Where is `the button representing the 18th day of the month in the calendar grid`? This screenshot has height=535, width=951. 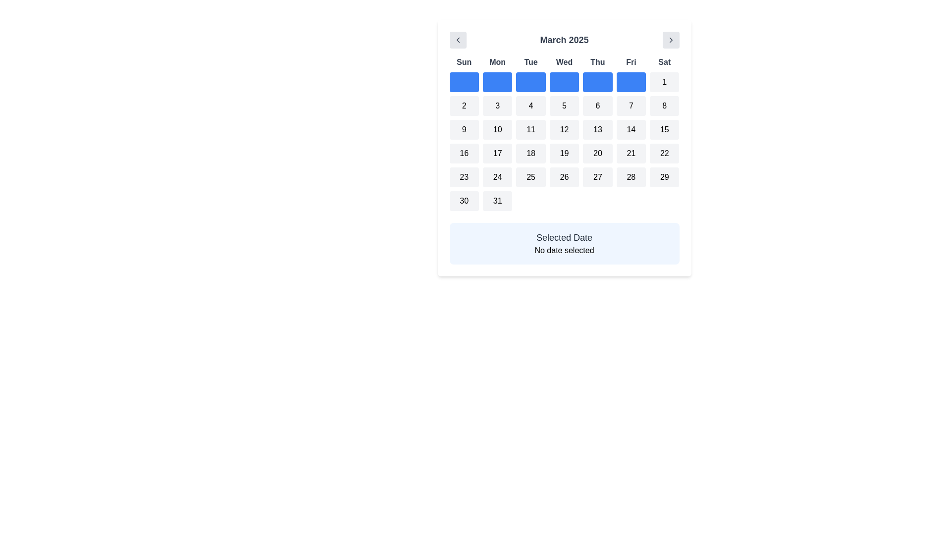
the button representing the 18th day of the month in the calendar grid is located at coordinates (530, 153).